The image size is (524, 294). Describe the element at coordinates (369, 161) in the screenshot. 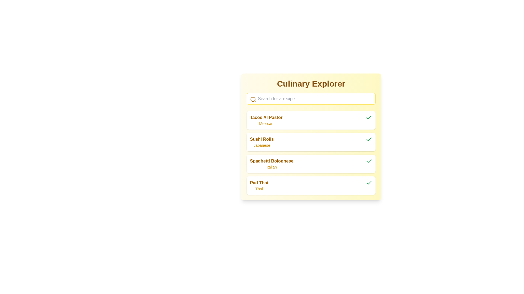

I see `the status of the selected or verified icon for the list item representing 'Spaghetti Bolognese', which is located on the rightmost part of the item` at that location.